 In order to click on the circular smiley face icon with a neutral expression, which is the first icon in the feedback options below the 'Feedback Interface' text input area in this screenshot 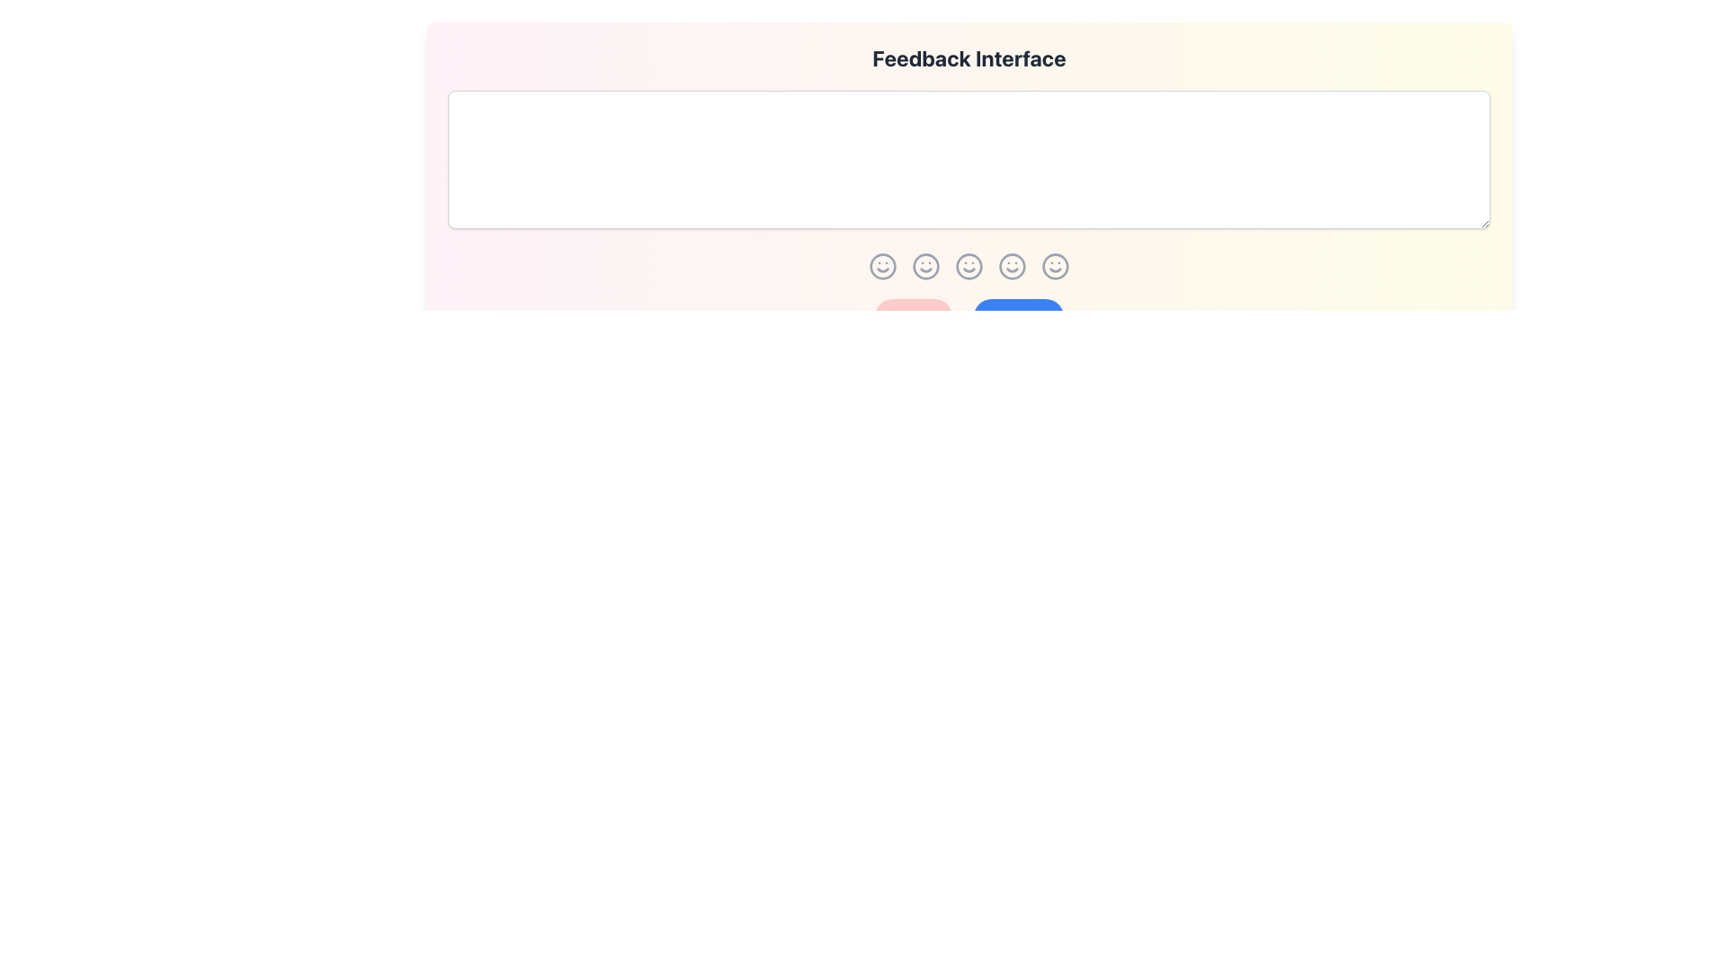, I will do `click(883, 267)`.